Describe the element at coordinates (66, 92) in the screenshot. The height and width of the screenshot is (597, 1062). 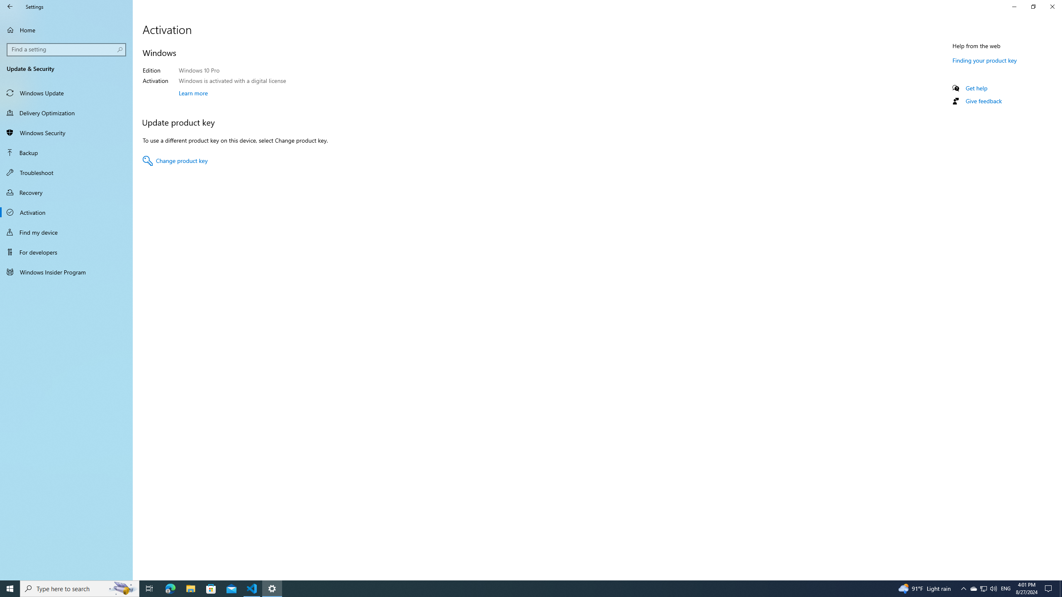
I see `'Windows Update'` at that location.